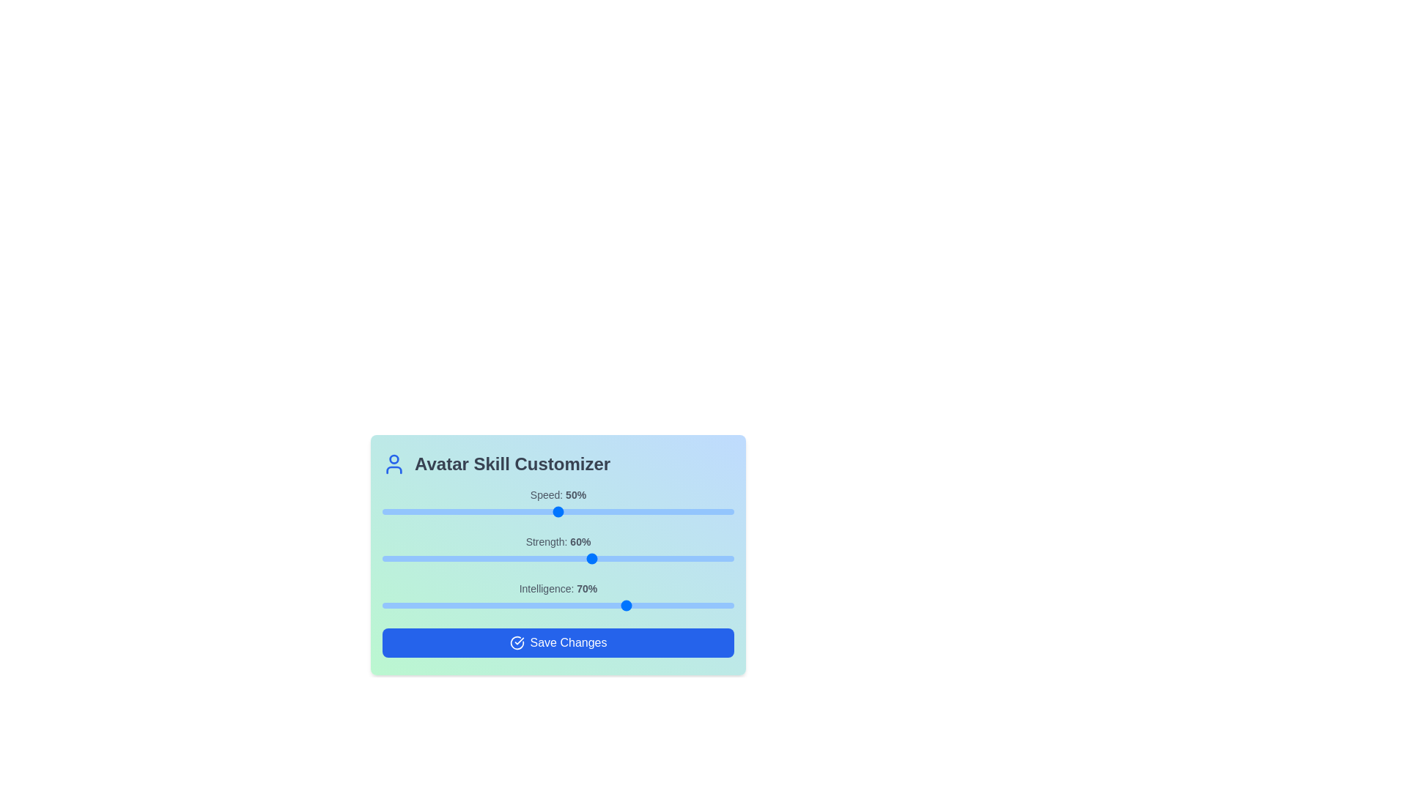 This screenshot has width=1407, height=791. I want to click on the speed, so click(473, 510).